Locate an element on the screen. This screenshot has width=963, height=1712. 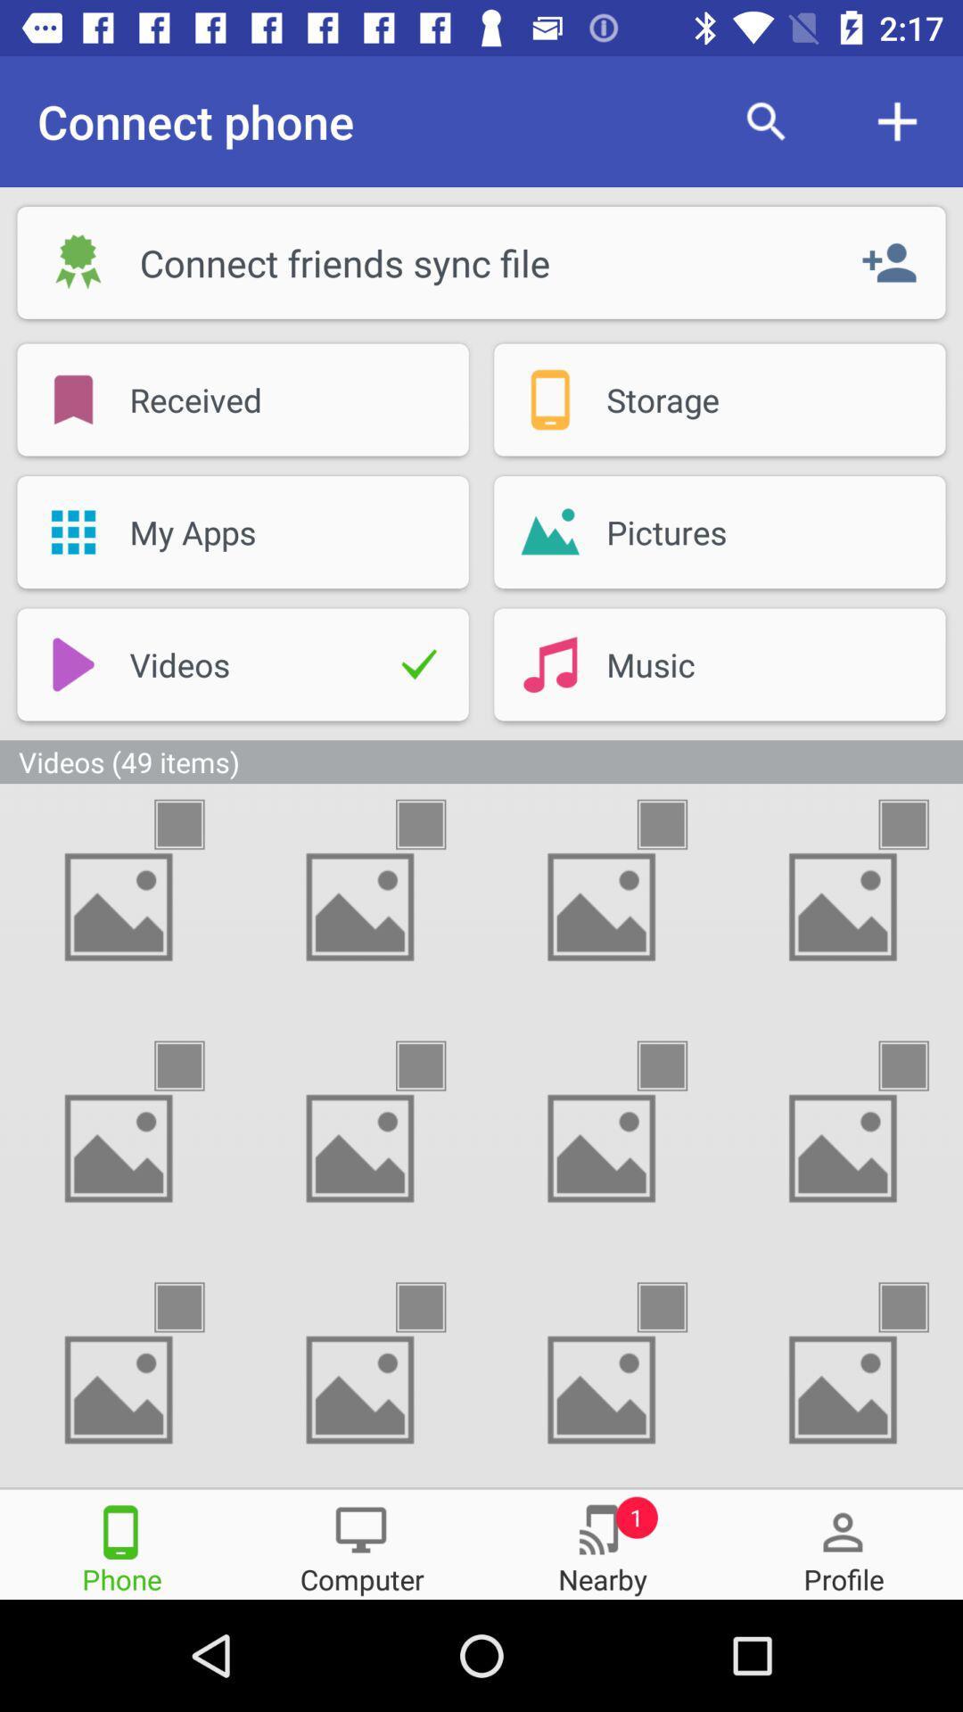
option is located at coordinates (919, 1066).